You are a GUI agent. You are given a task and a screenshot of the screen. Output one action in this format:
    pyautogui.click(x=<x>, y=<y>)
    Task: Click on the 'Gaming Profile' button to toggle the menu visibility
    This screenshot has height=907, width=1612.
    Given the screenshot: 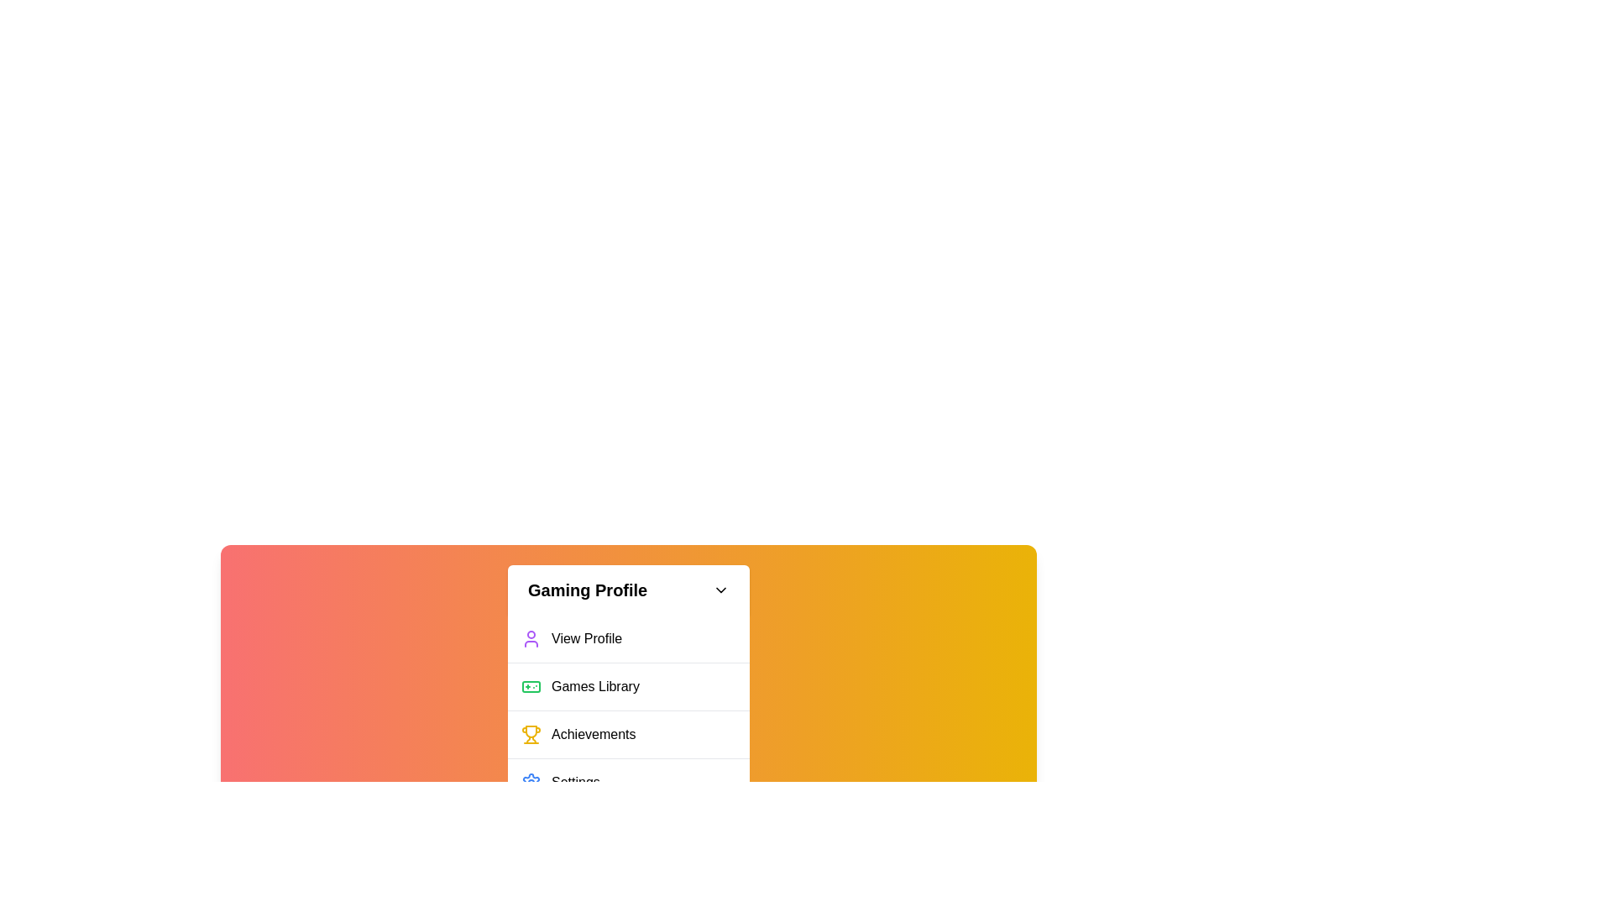 What is the action you would take?
    pyautogui.click(x=627, y=589)
    